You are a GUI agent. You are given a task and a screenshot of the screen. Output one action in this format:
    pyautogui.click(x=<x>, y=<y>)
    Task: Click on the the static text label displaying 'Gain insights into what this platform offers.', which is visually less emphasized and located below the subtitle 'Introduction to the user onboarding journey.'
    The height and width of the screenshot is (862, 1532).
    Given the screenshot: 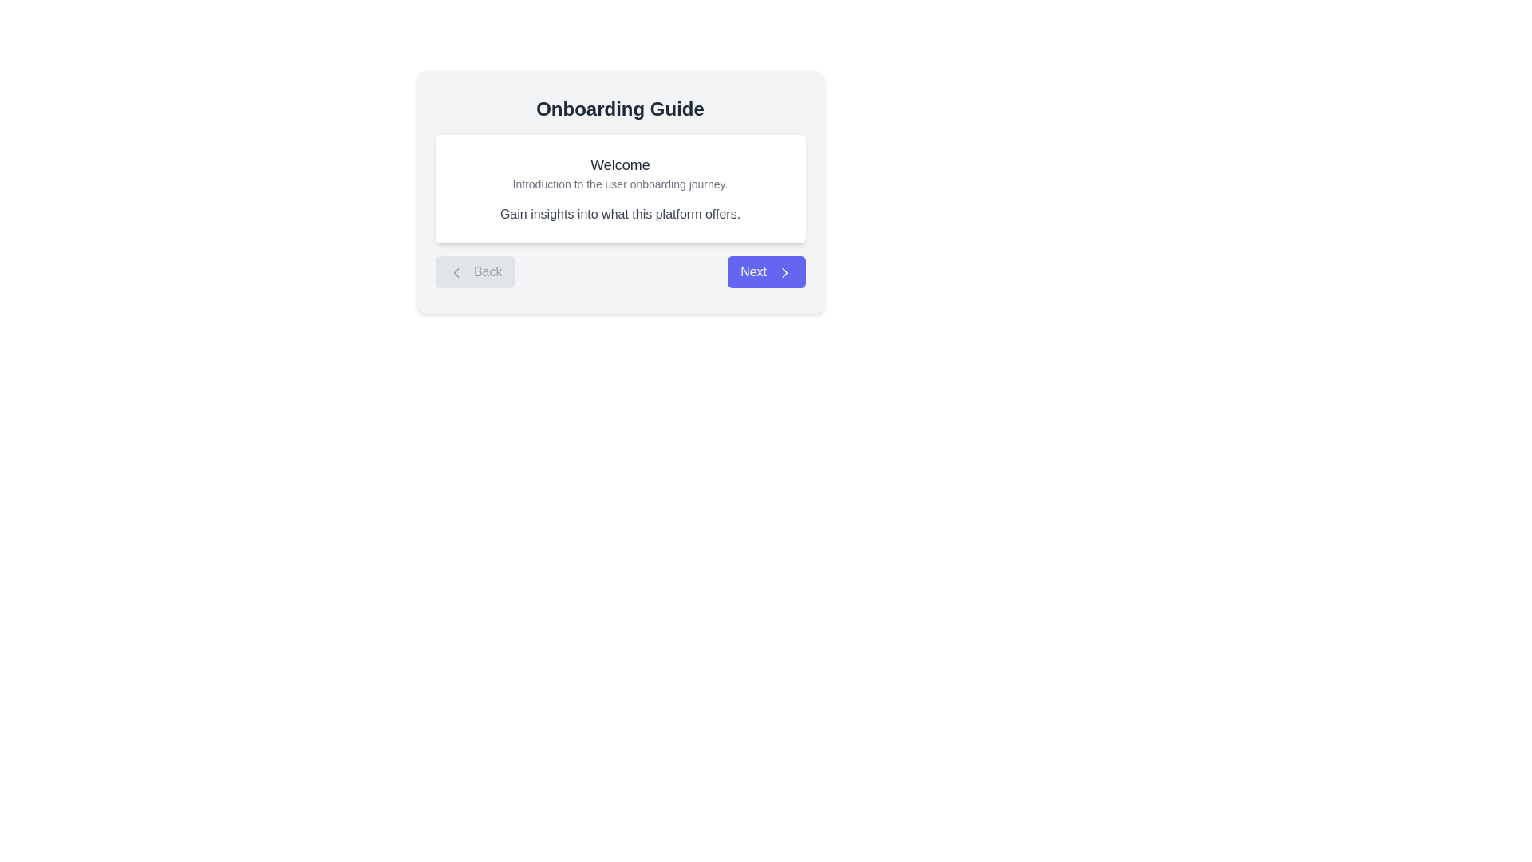 What is the action you would take?
    pyautogui.click(x=619, y=214)
    